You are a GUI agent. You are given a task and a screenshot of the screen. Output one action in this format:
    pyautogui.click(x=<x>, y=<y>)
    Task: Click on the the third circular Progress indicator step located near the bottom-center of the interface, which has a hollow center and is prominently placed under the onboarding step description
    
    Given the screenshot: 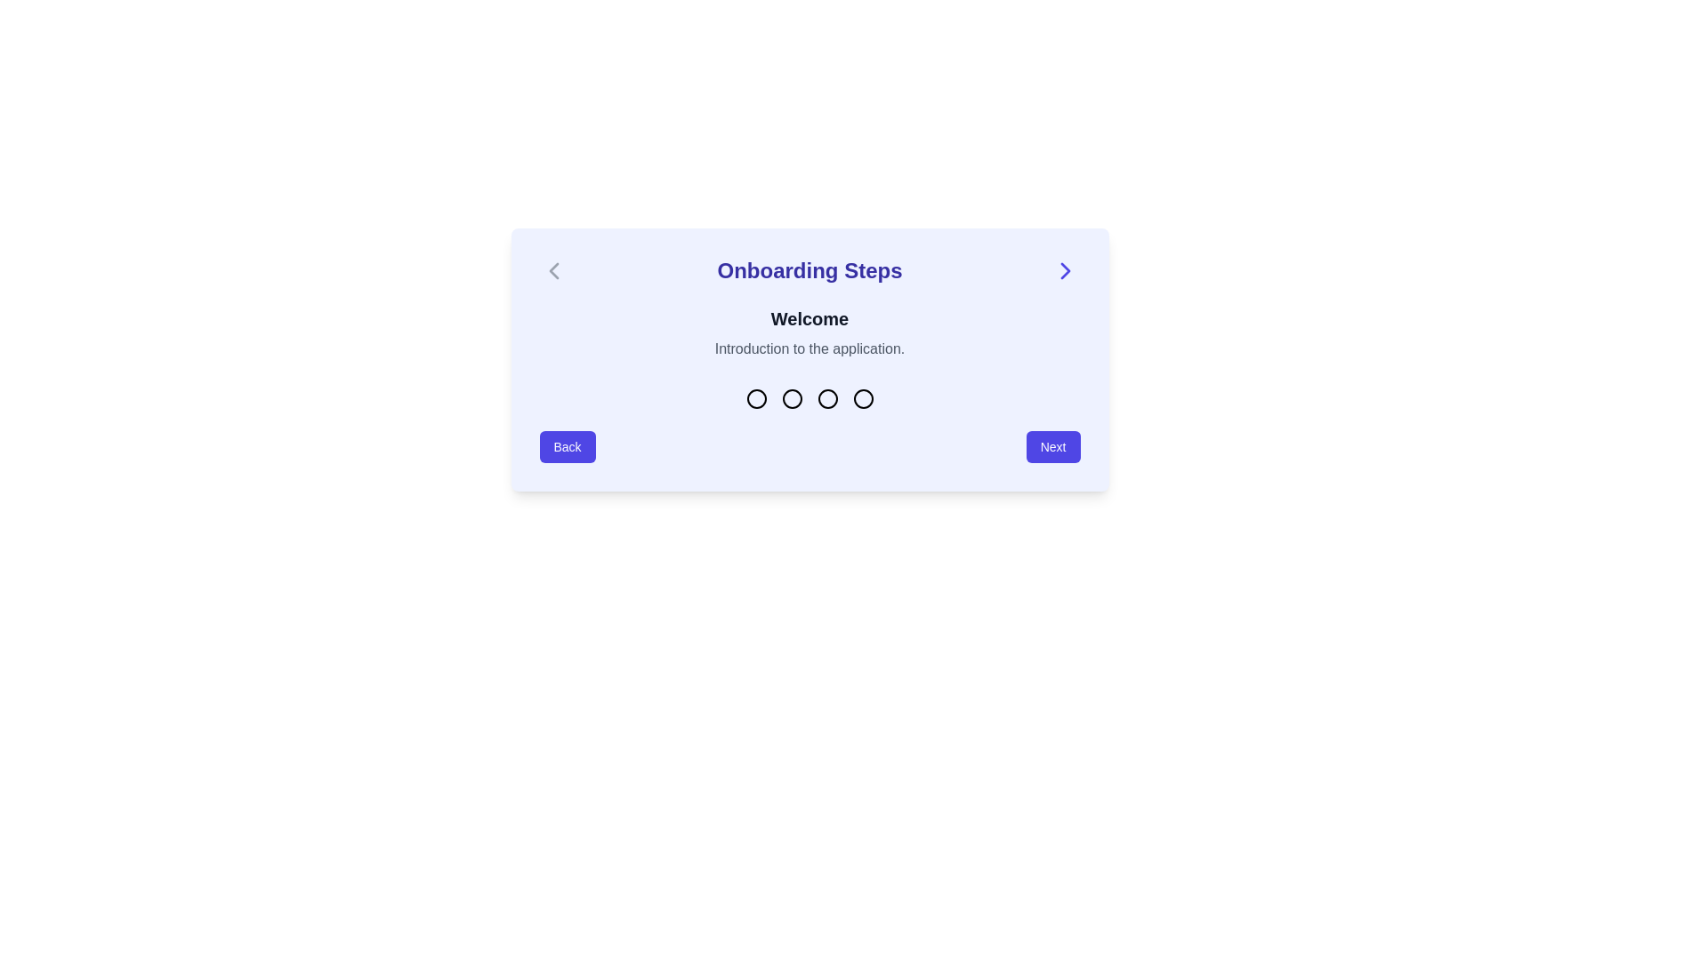 What is the action you would take?
    pyautogui.click(x=826, y=397)
    